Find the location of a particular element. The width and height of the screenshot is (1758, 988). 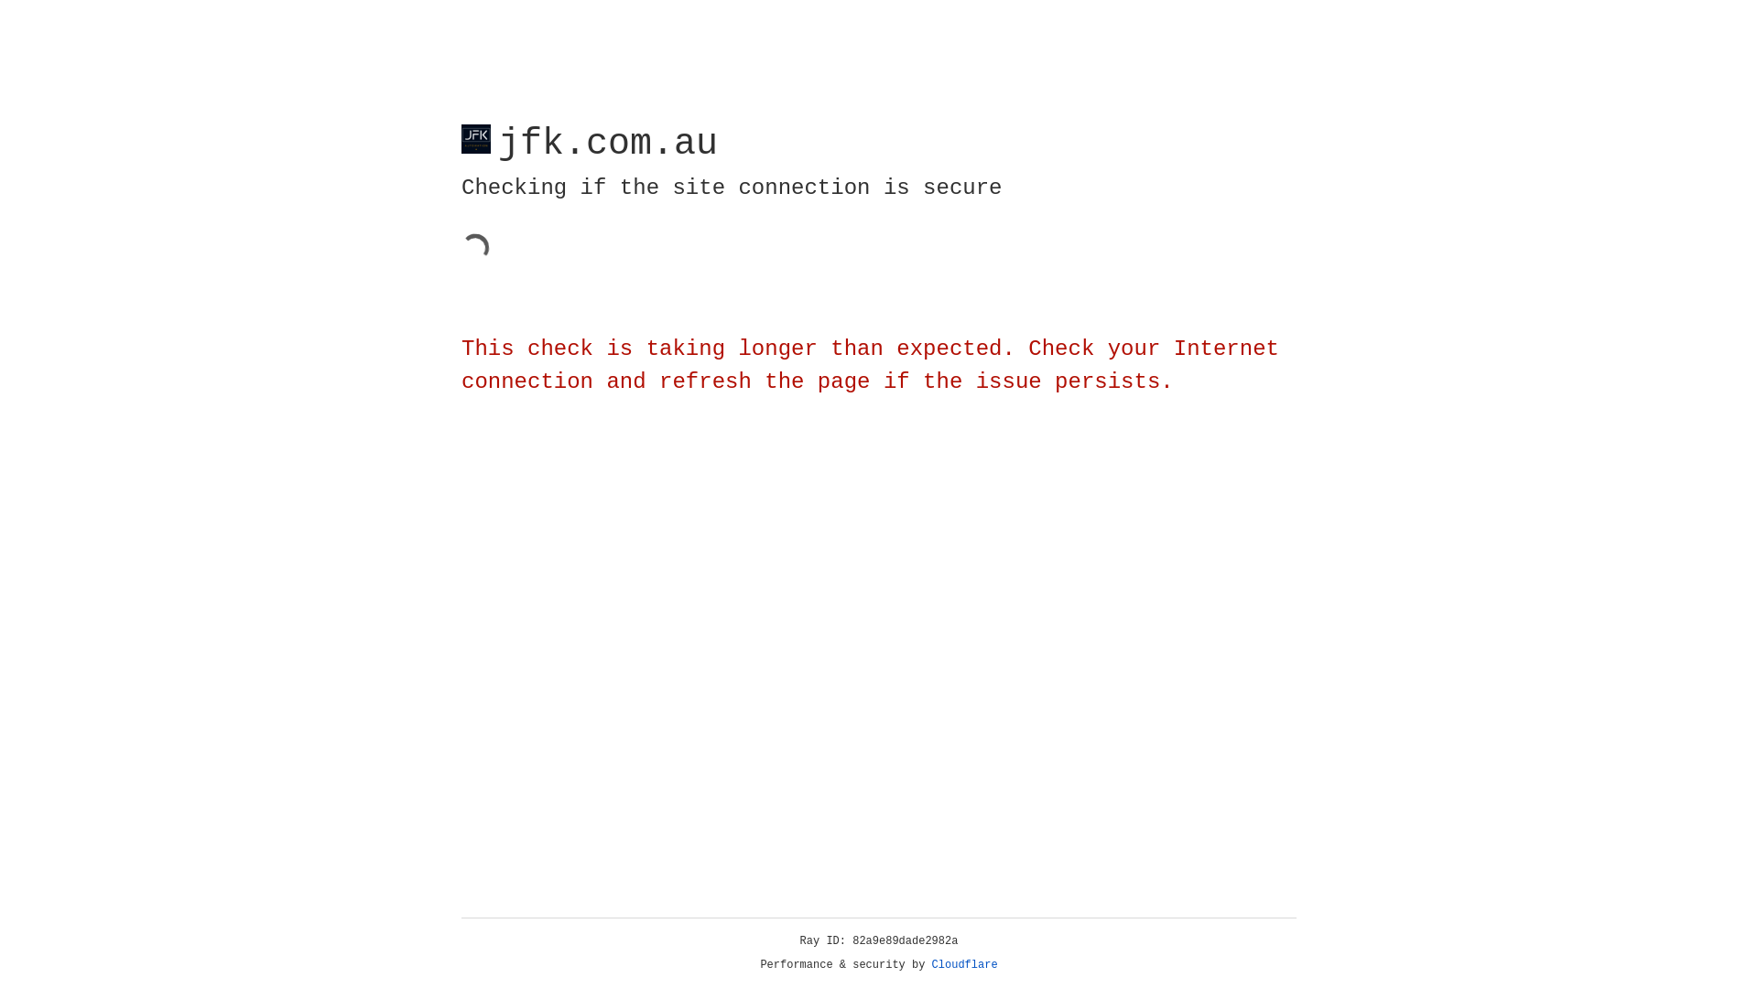

'Cloudflare' is located at coordinates (964, 964).